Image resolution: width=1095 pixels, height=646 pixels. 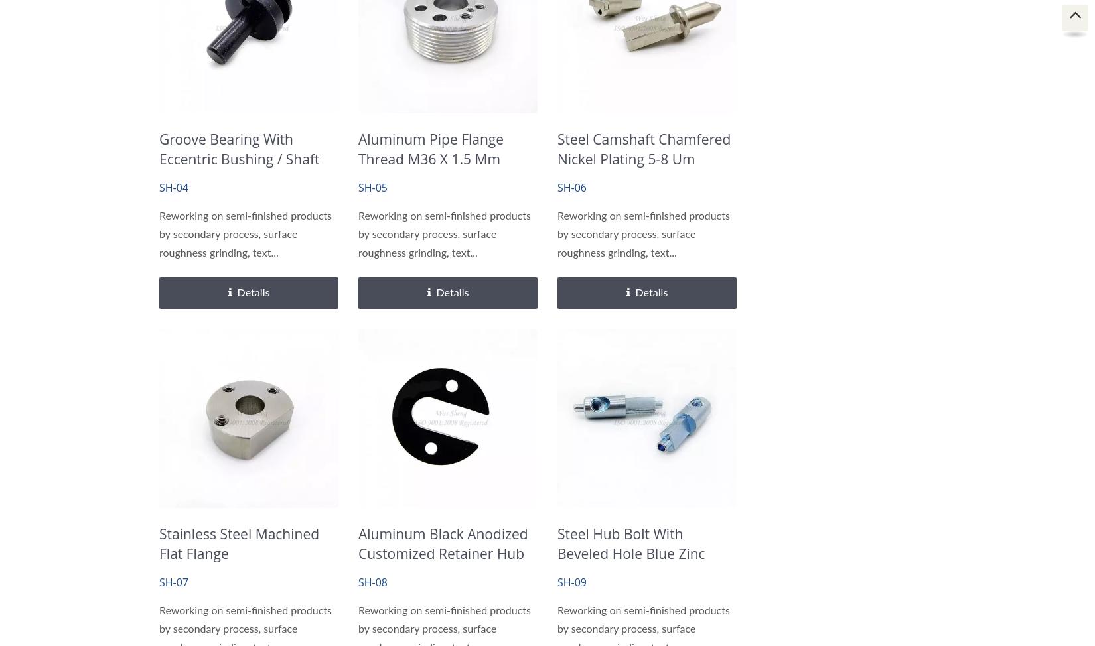 What do you see at coordinates (372, 187) in the screenshot?
I see `'SH-05'` at bounding box center [372, 187].